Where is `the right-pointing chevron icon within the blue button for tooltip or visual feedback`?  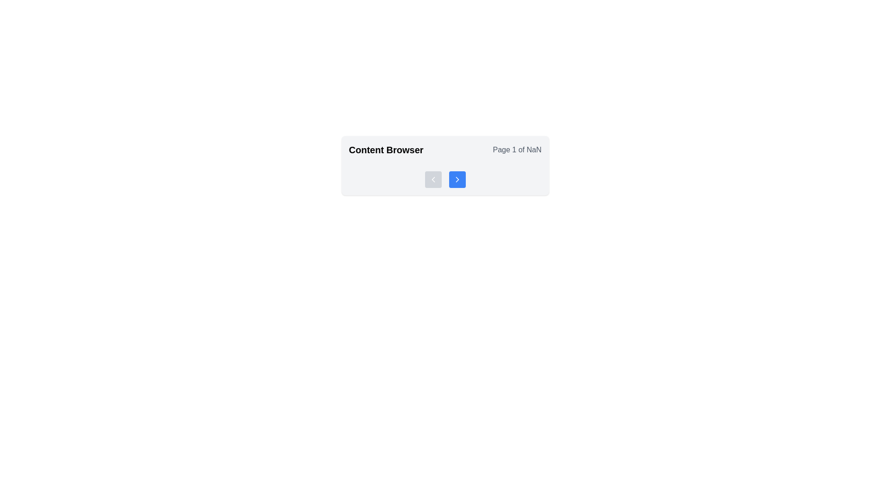 the right-pointing chevron icon within the blue button for tooltip or visual feedback is located at coordinates (457, 180).